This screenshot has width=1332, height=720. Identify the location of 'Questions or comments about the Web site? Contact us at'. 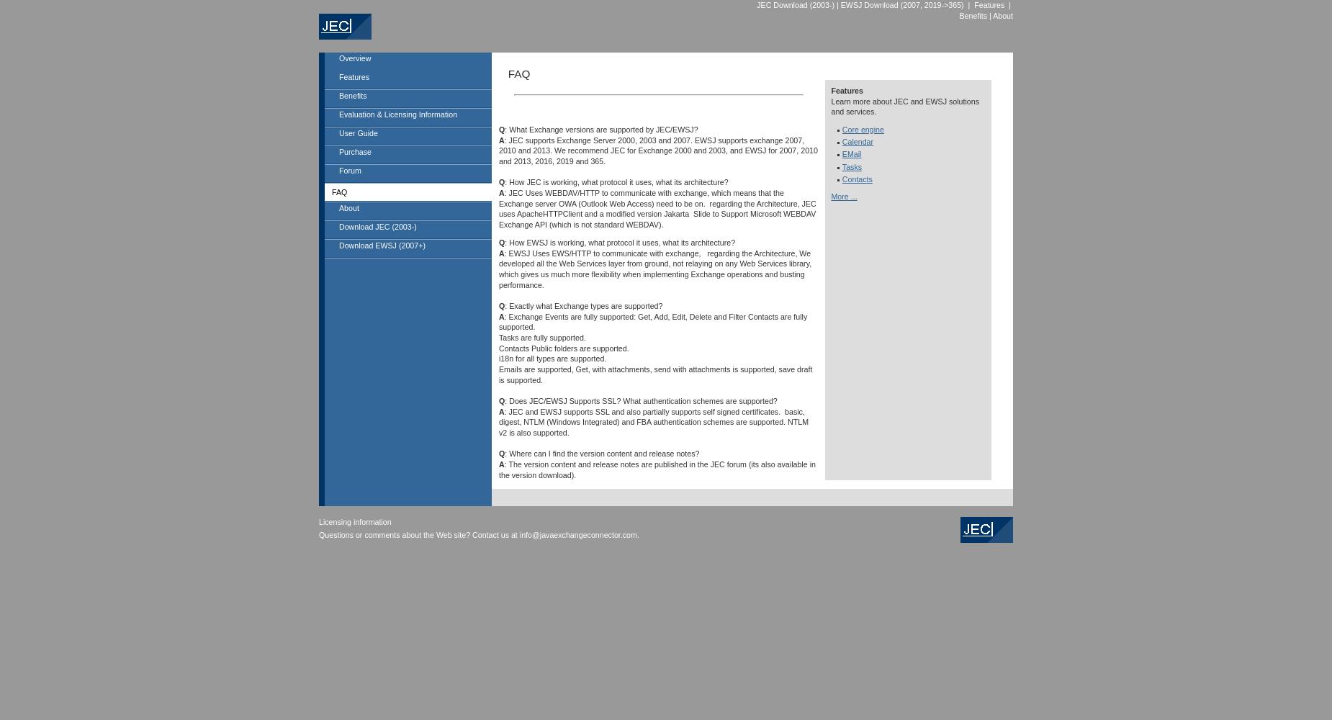
(419, 534).